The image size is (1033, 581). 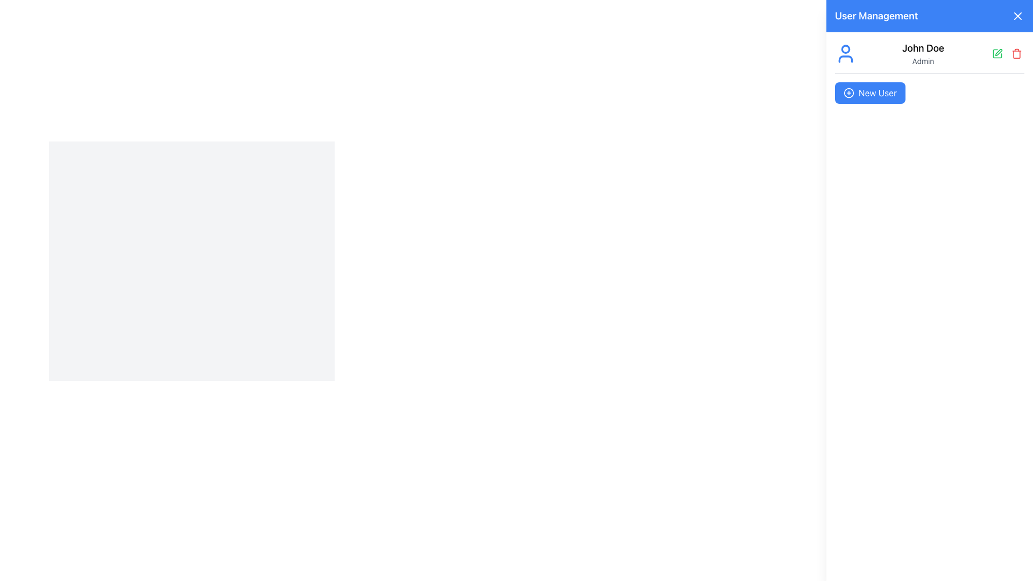 What do you see at coordinates (1016, 54) in the screenshot?
I see `the red trash can icon located` at bounding box center [1016, 54].